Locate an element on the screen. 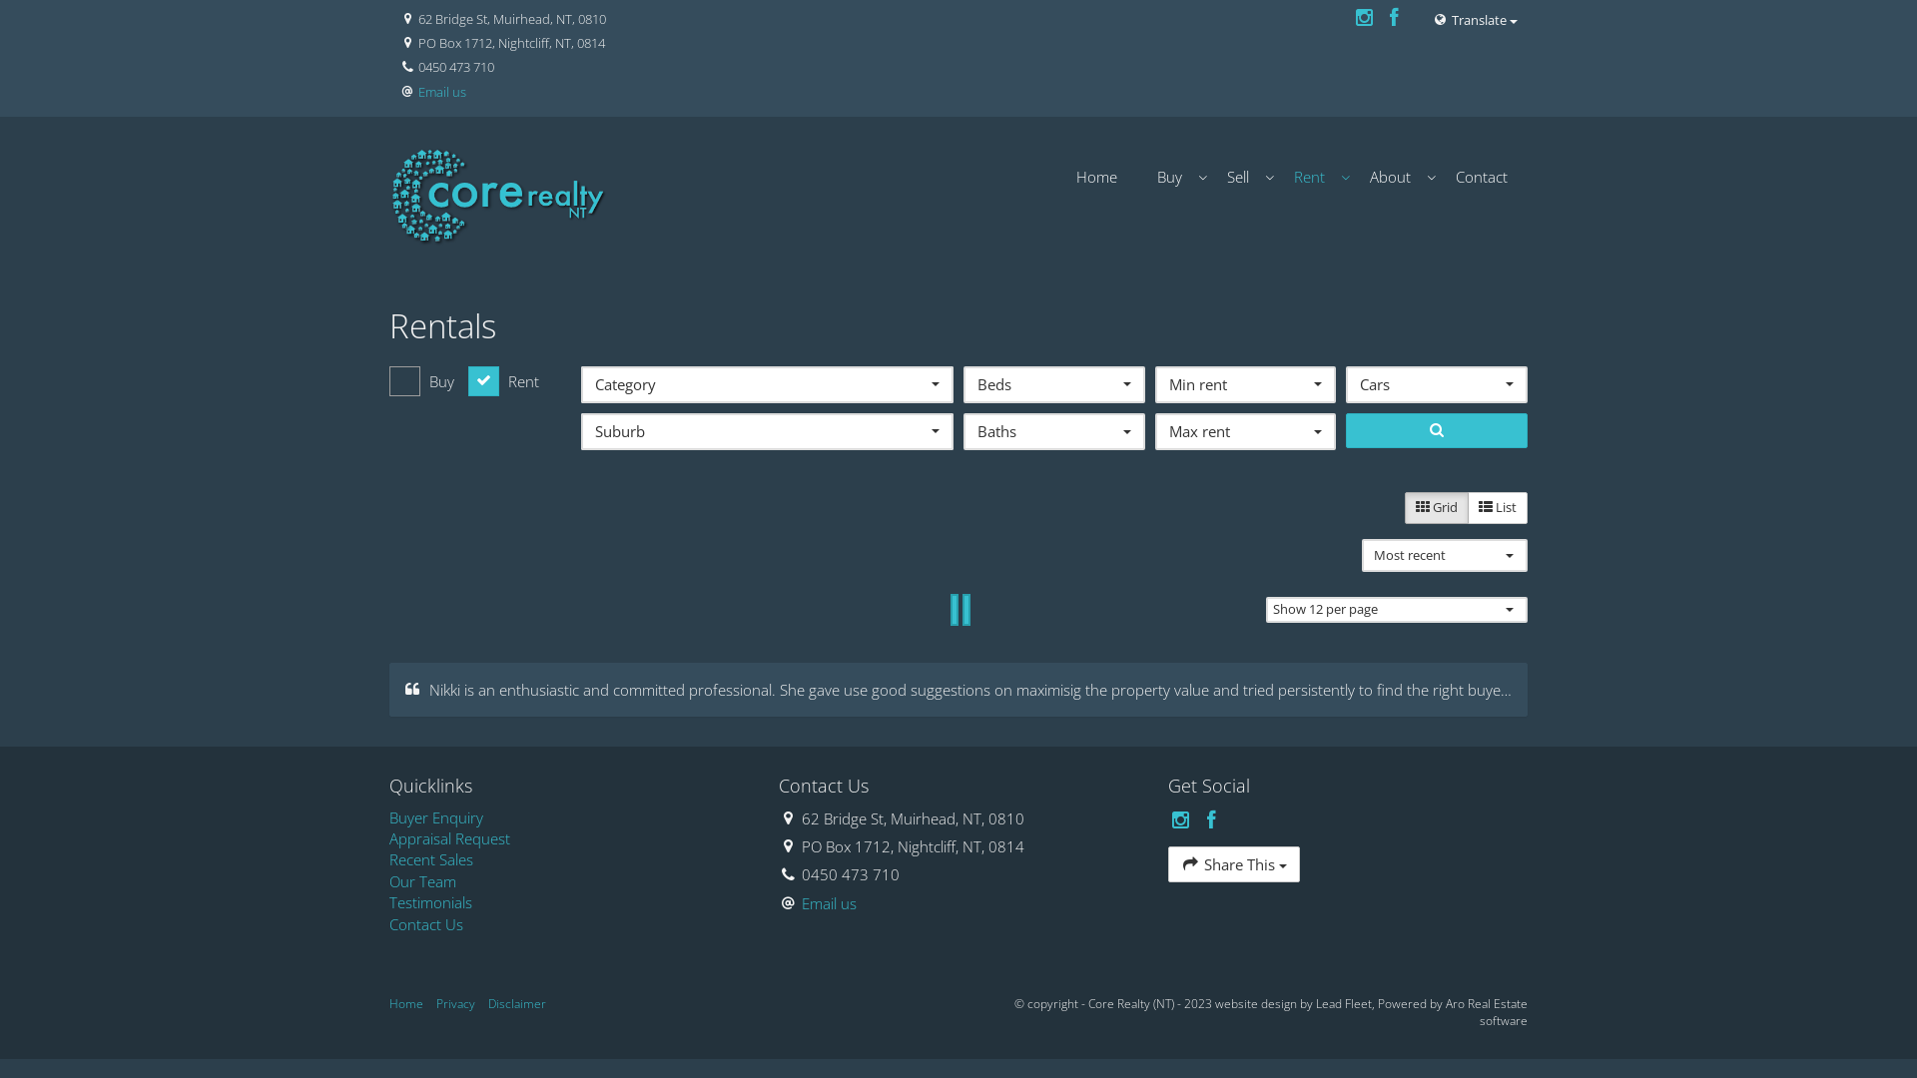 This screenshot has width=1917, height=1078. 'Home' is located at coordinates (405, 1003).